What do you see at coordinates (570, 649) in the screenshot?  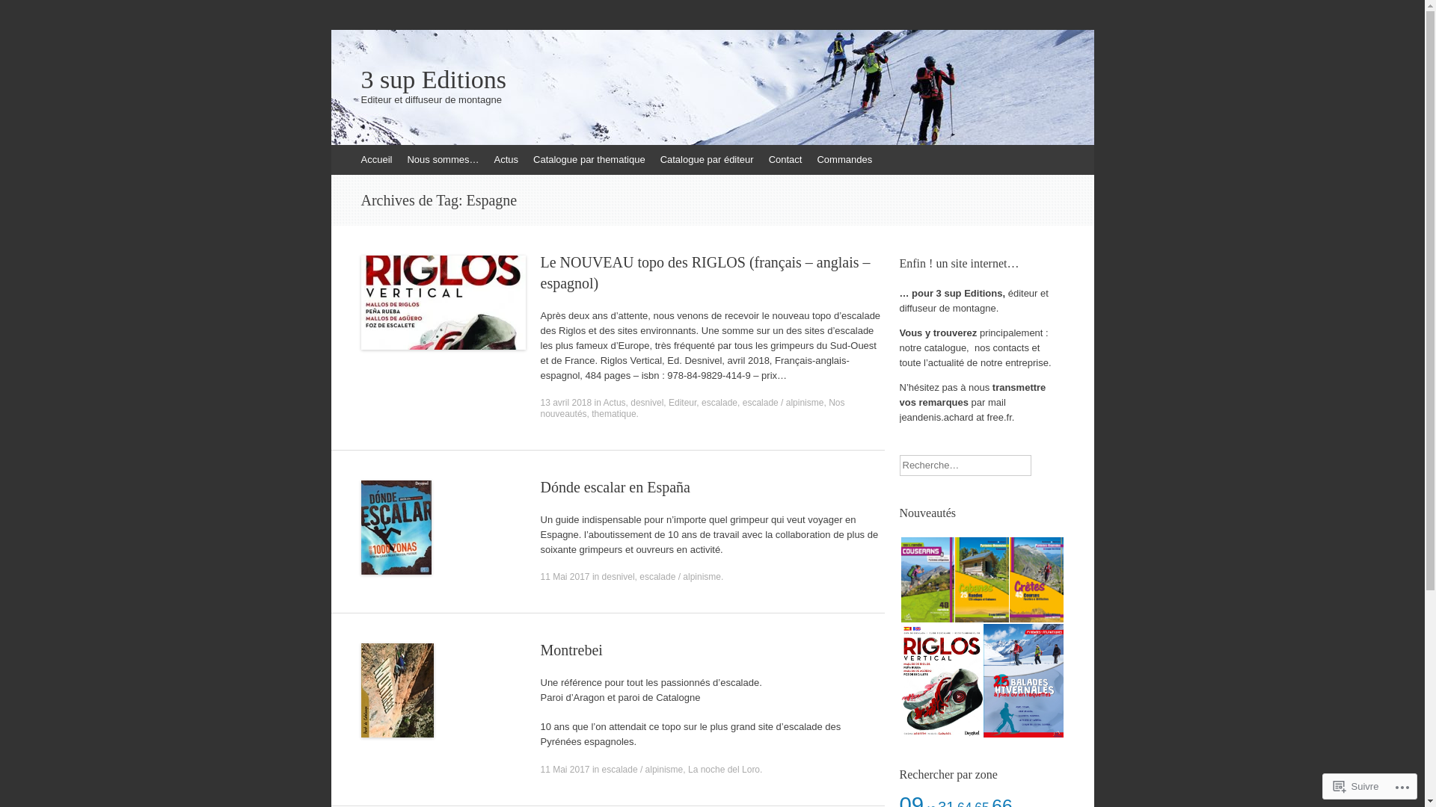 I see `'Montrebei'` at bounding box center [570, 649].